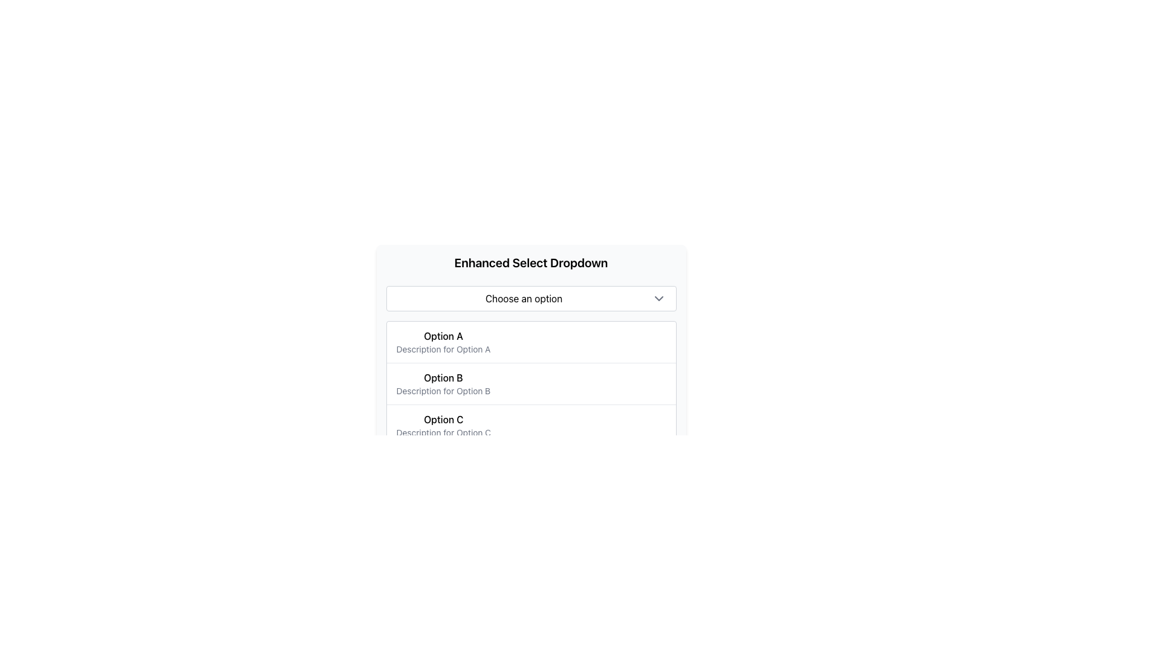 This screenshot has height=653, width=1161. Describe the element at coordinates (443, 336) in the screenshot. I see `the primary text label for the first dropdown option, which is positioned slightly to the left in the first row of the dropdown options, below the header section` at that location.